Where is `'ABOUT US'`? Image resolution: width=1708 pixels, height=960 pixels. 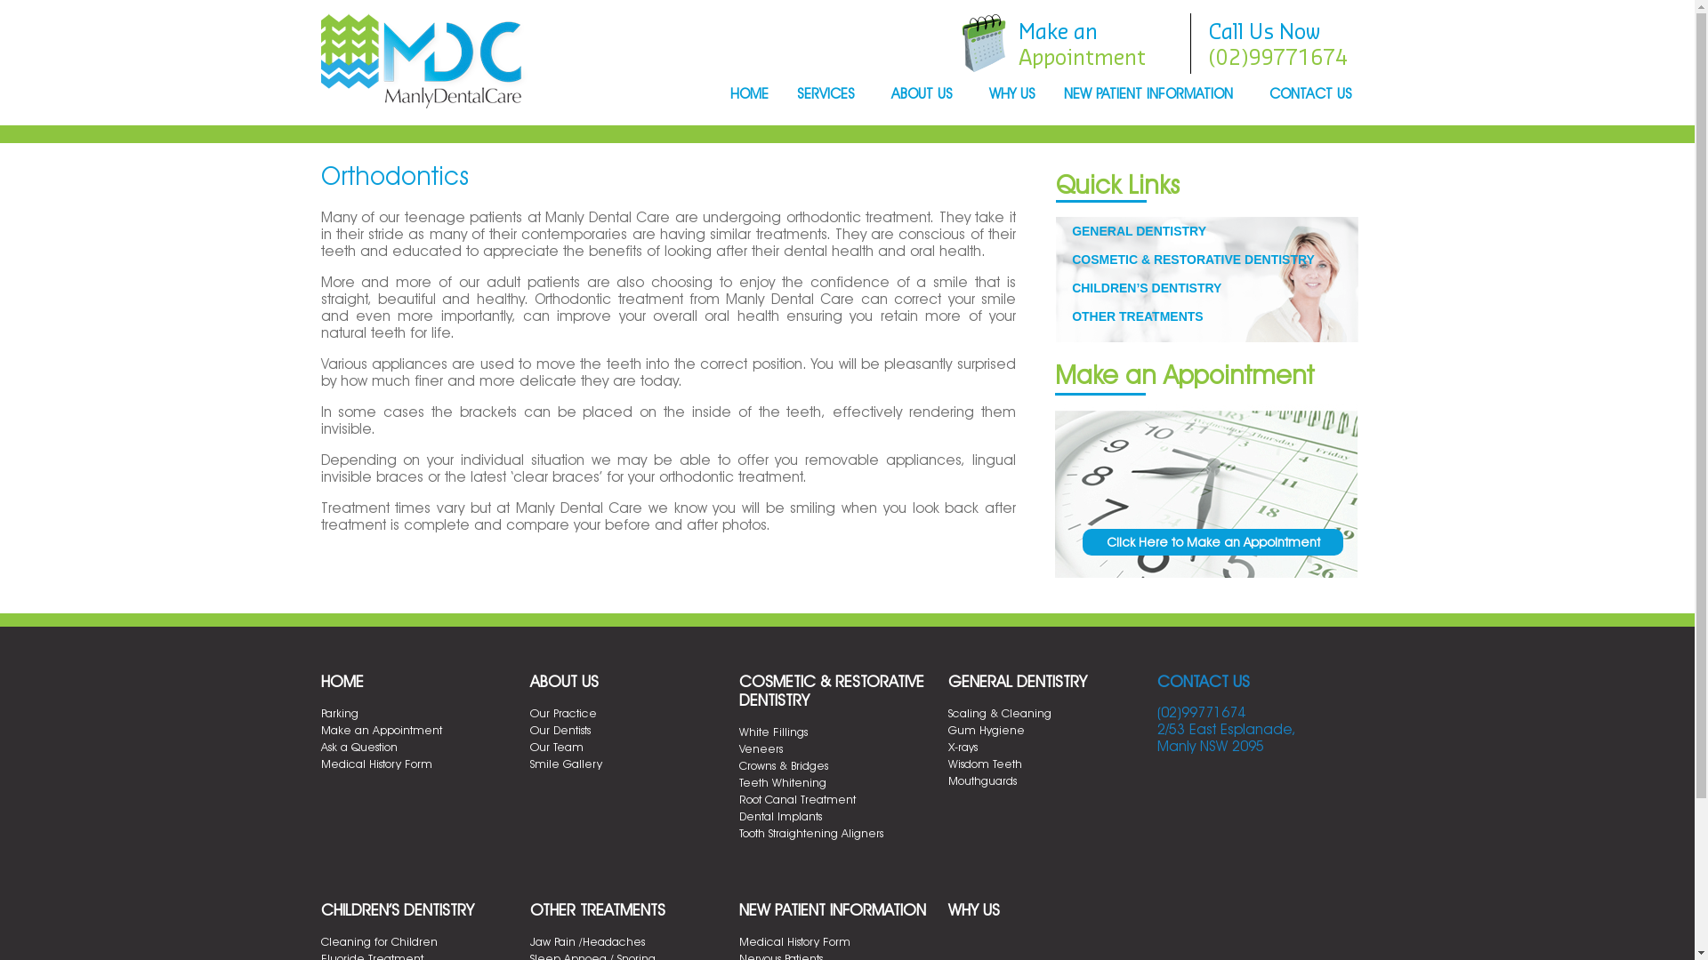
'ABOUT US' is located at coordinates (925, 95).